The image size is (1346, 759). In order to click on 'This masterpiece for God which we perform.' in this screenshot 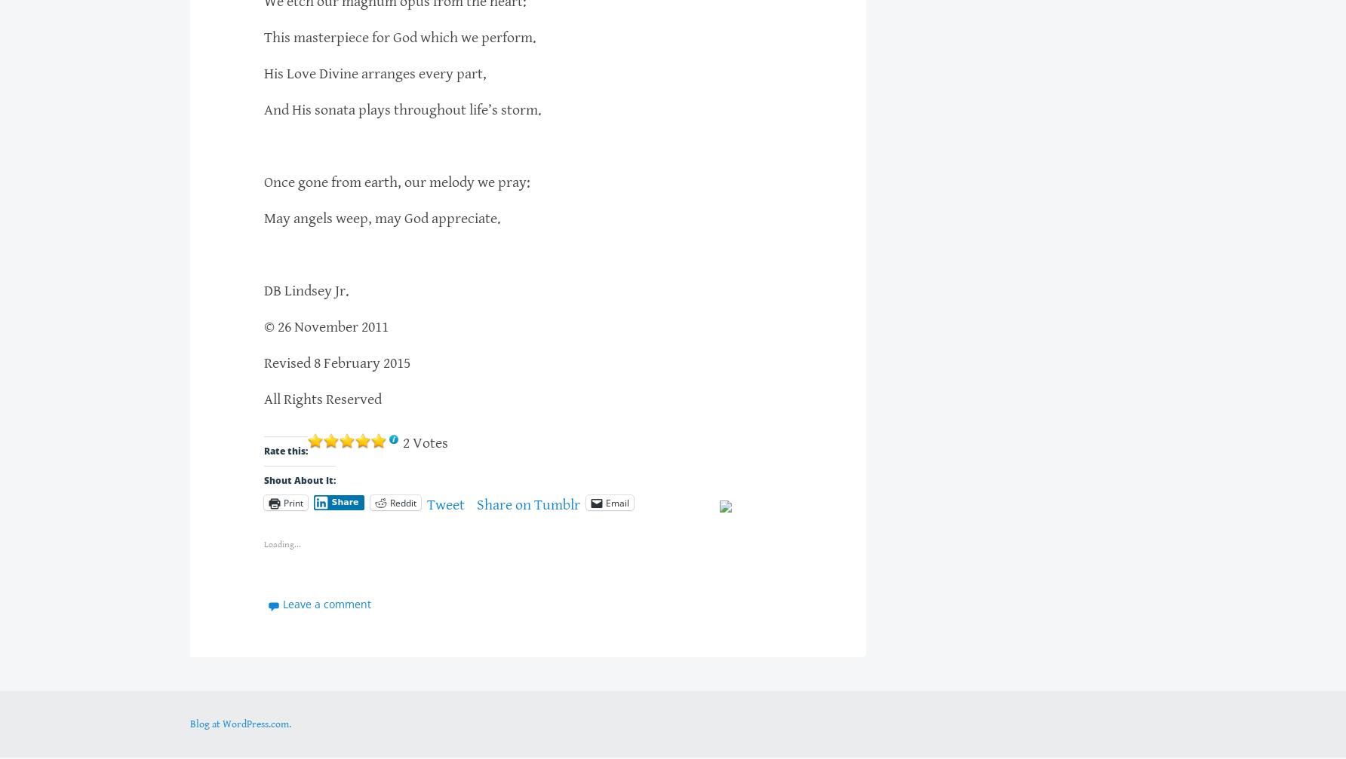, I will do `click(400, 37)`.